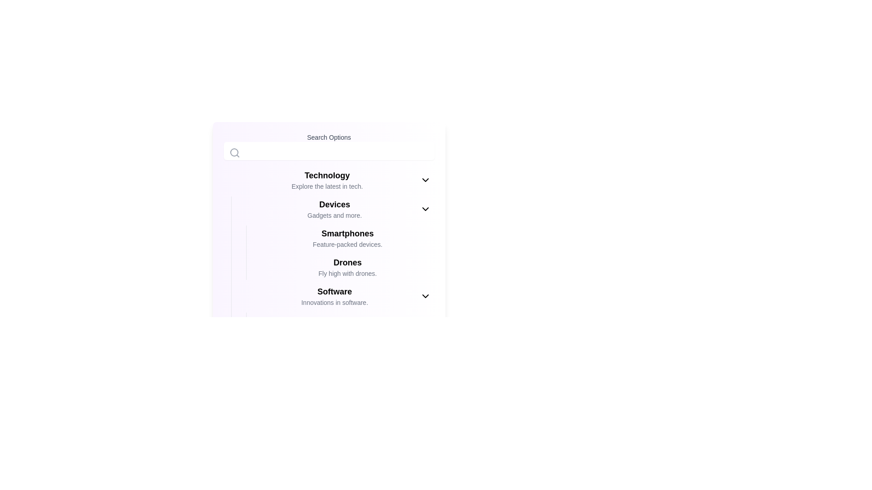 The height and width of the screenshot is (490, 872). What do you see at coordinates (425, 209) in the screenshot?
I see `the downward-pointing chevron icon located to the right of the 'Devices' section` at bounding box center [425, 209].